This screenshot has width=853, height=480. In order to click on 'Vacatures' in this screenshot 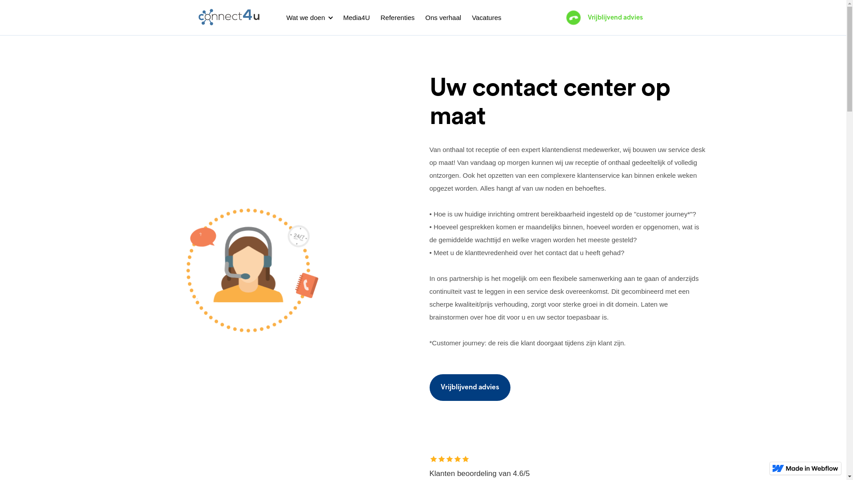, I will do `click(486, 17)`.